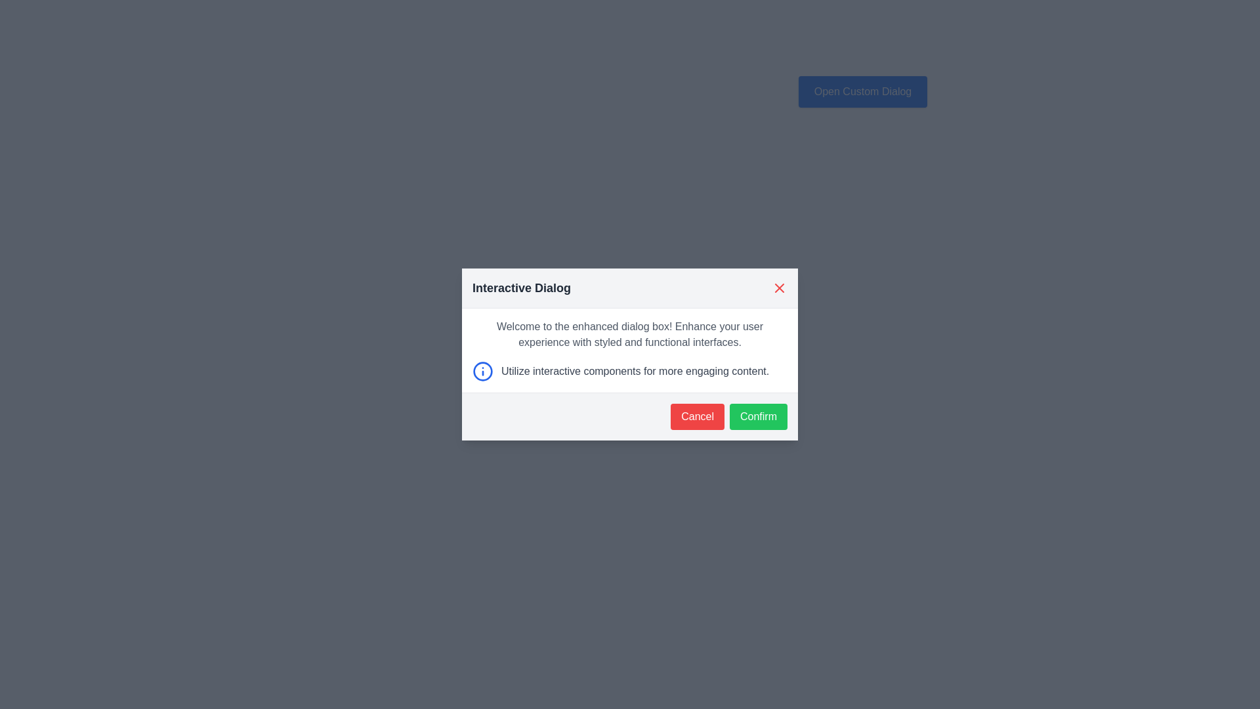  What do you see at coordinates (630, 372) in the screenshot?
I see `informational text located below the main descriptive text in the interactive dialog, positioned above the cancel and confirm buttons` at bounding box center [630, 372].